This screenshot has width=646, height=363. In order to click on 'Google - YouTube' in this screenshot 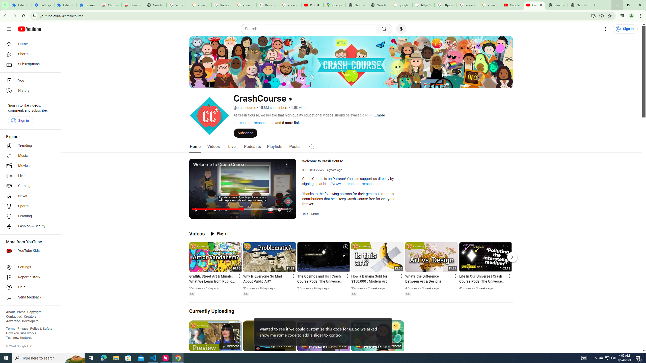, I will do `click(512, 5)`.